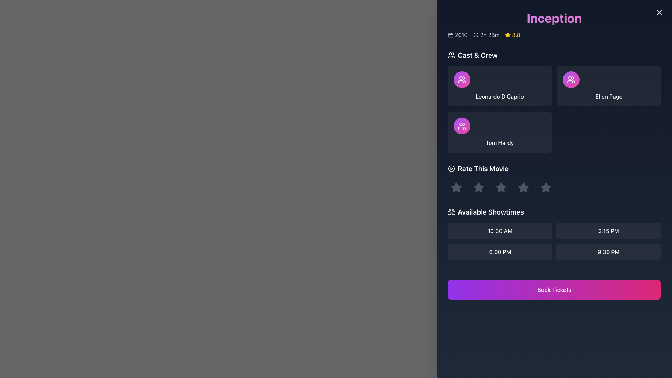 The width and height of the screenshot is (672, 378). What do you see at coordinates (546, 187) in the screenshot?
I see `the fifth star icon in the 'Rate This Movie' section to assign a rating` at bounding box center [546, 187].